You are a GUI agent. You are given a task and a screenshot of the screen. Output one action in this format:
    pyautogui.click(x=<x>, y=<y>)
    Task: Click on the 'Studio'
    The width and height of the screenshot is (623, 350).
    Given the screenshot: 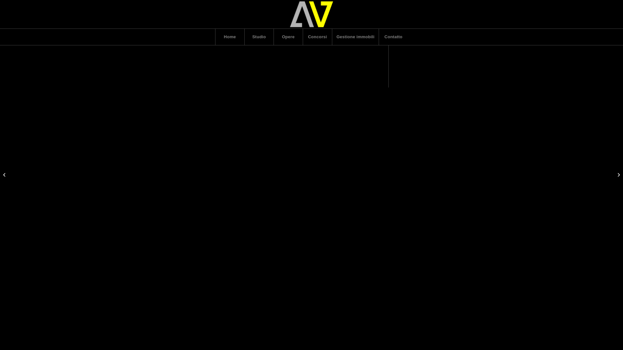 What is the action you would take?
    pyautogui.click(x=258, y=37)
    